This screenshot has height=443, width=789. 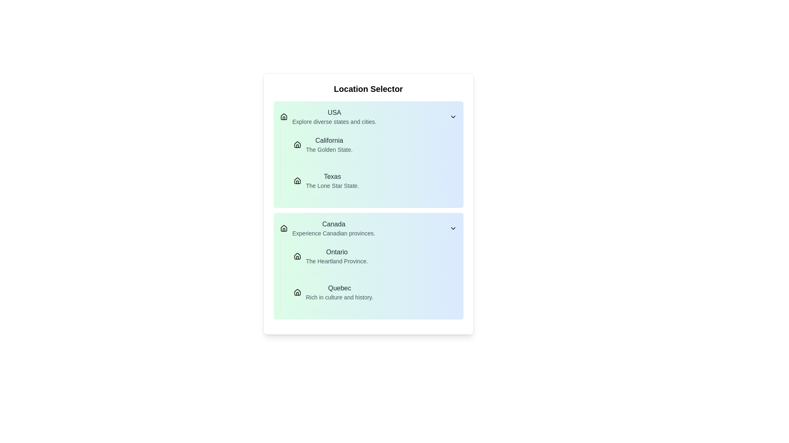 I want to click on text label displaying 'Ontario', which is styled with a medium font weight and dark gray color, located in the 'Canada' section of the location selector interface, so click(x=337, y=251).